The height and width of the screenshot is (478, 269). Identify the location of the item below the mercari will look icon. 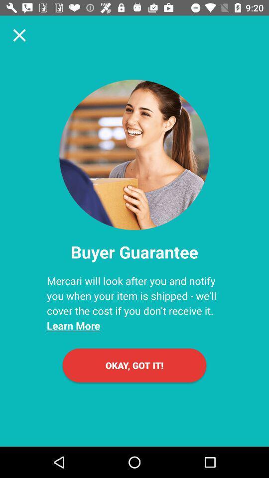
(134, 364).